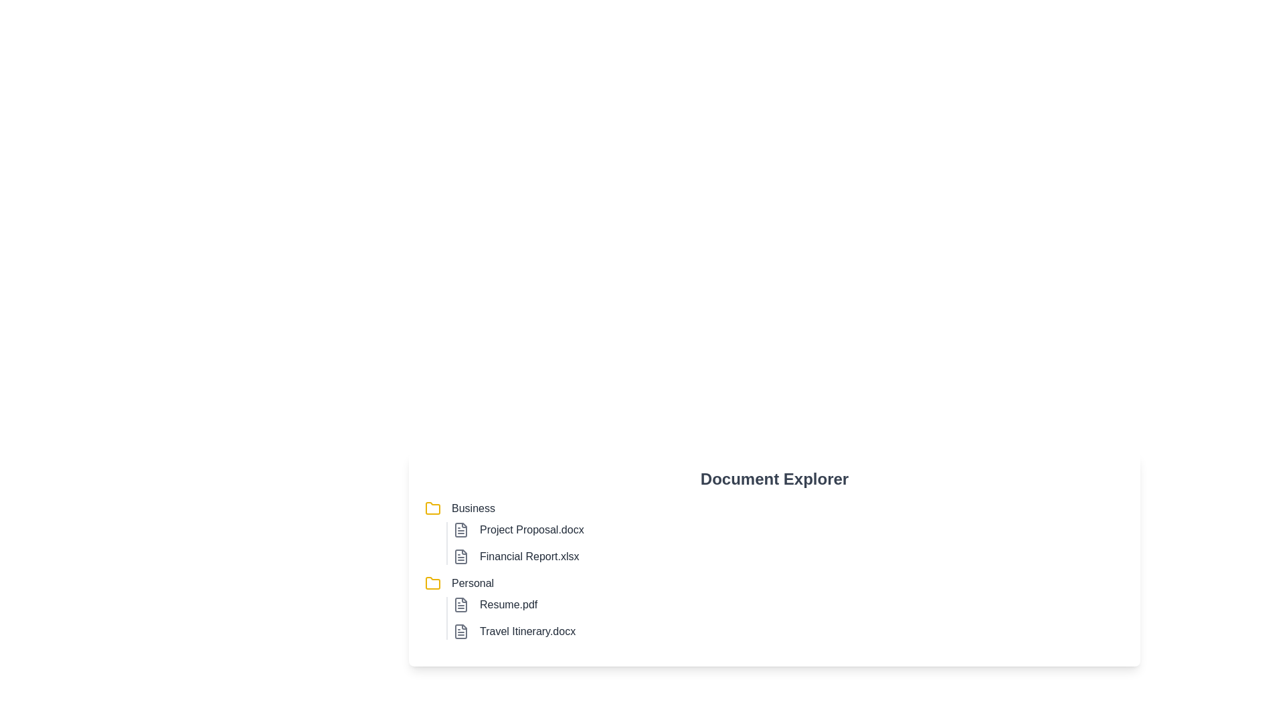 This screenshot has height=722, width=1285. I want to click on the document icon located to the left of the 'Resume.pdf' text in the 'Personal' folder of the 'Document Explorer' interface, so click(461, 605).